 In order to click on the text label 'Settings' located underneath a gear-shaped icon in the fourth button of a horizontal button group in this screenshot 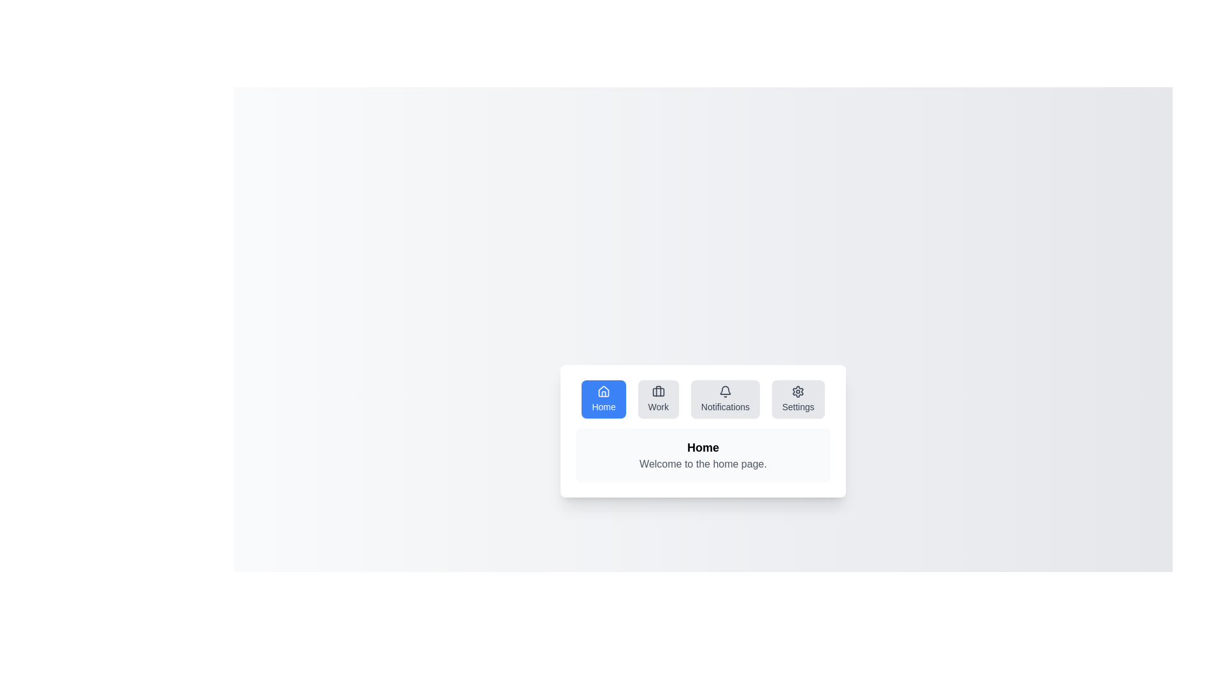, I will do `click(797, 407)`.